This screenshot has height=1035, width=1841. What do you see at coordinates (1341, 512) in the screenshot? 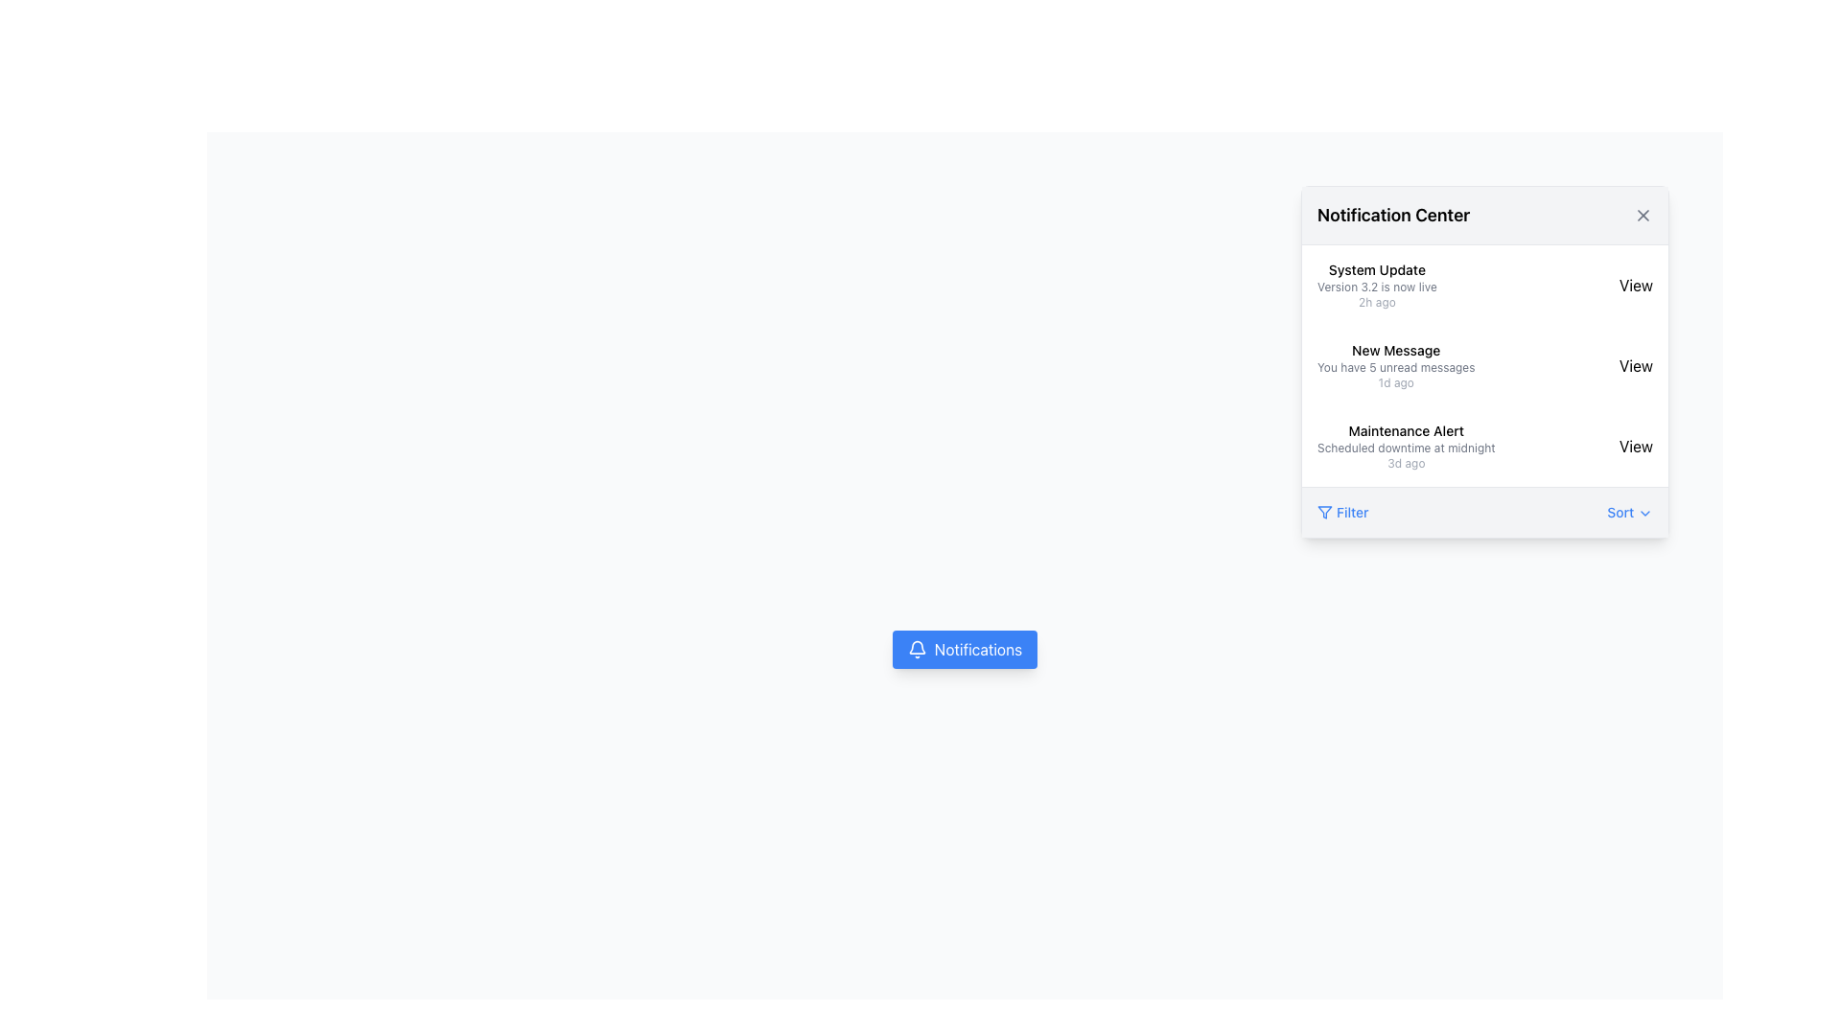
I see `the filter button located in the lower-left corner of the 'Notification Center' modal` at bounding box center [1341, 512].